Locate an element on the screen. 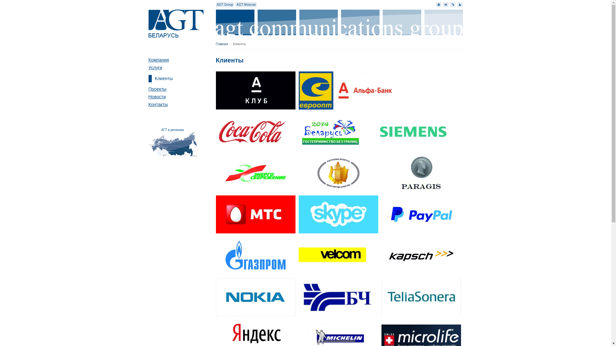  'pr@agt.by' is located at coordinates (445, 4).